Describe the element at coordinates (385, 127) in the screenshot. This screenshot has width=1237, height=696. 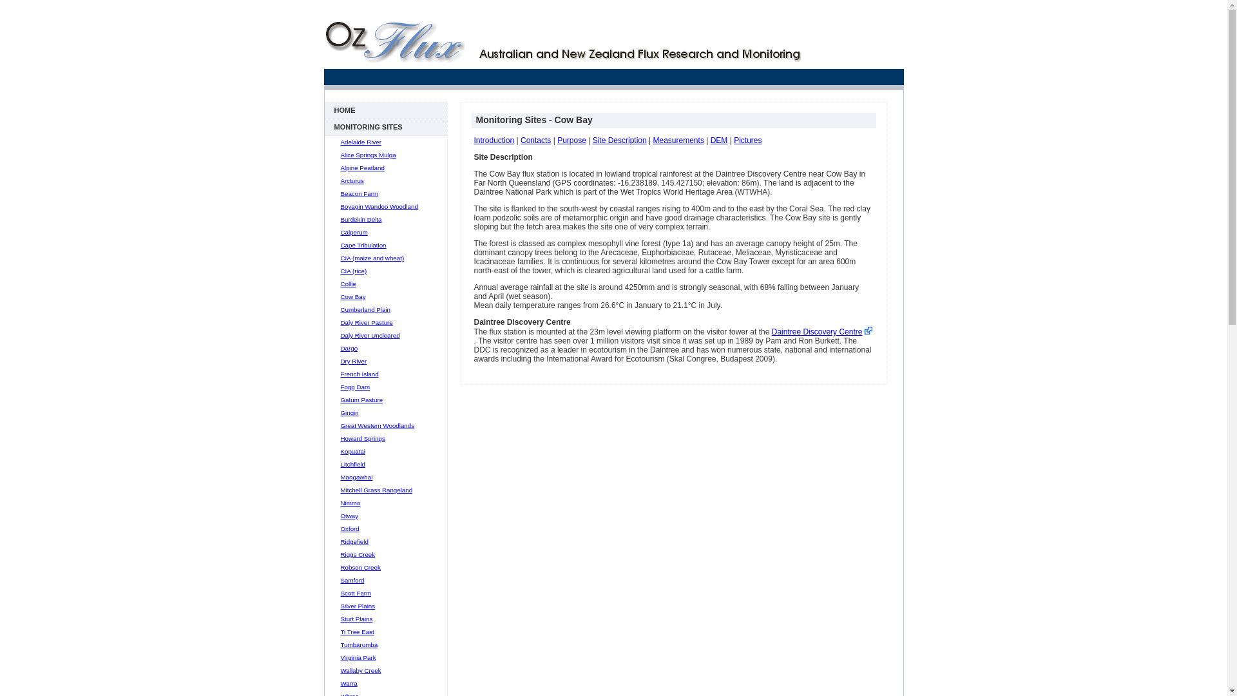
I see `'MONITORING SITES'` at that location.